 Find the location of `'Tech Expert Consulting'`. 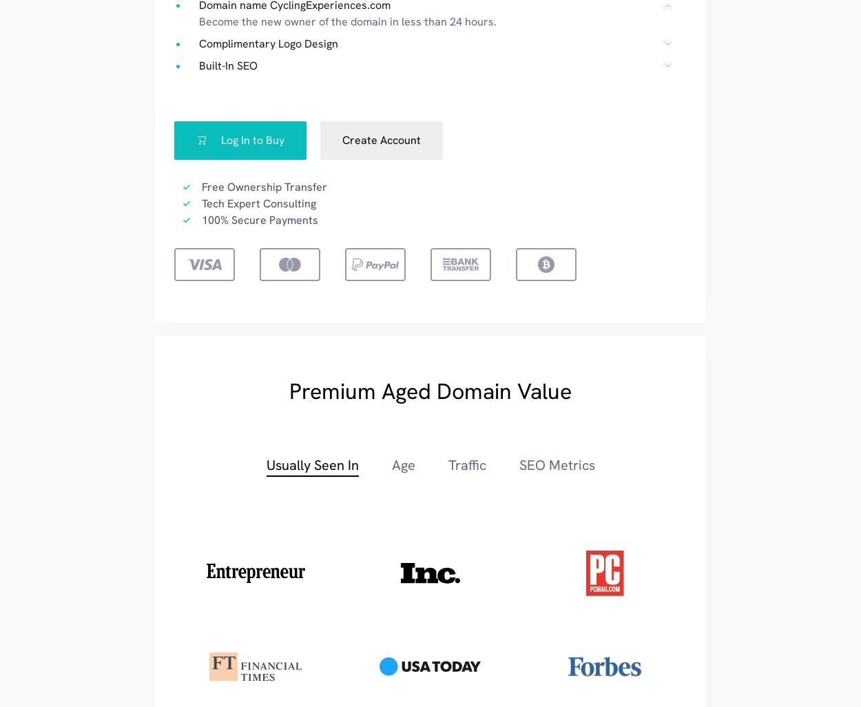

'Tech Expert Consulting' is located at coordinates (259, 203).